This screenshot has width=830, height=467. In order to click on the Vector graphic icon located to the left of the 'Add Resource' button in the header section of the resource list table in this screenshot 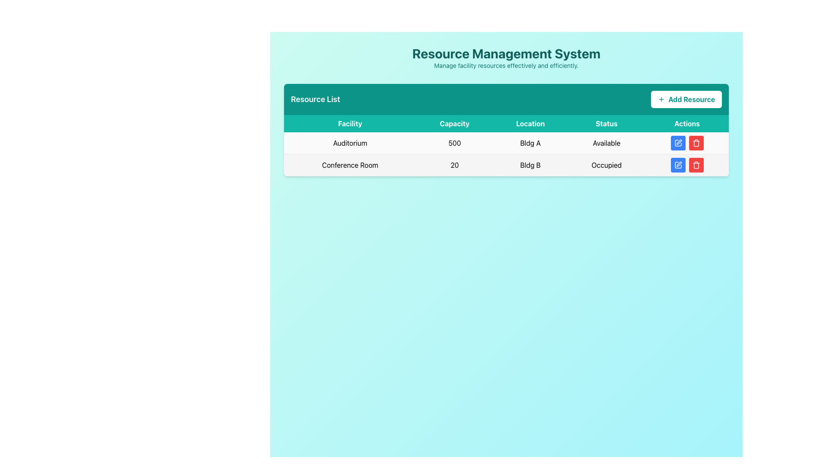, I will do `click(661, 99)`.